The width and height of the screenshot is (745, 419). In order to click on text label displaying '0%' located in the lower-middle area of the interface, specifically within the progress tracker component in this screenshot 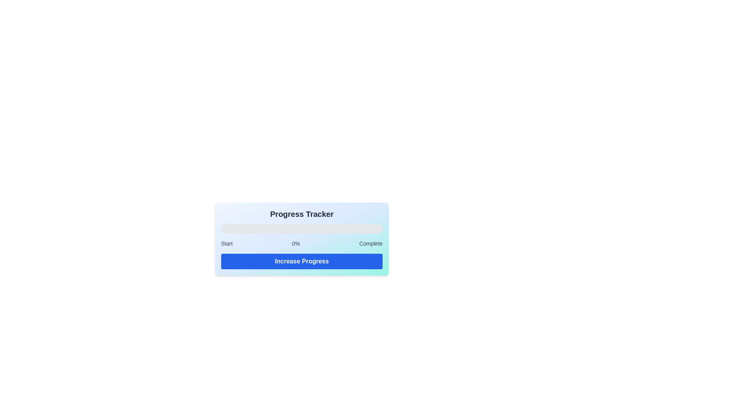, I will do `click(295, 243)`.